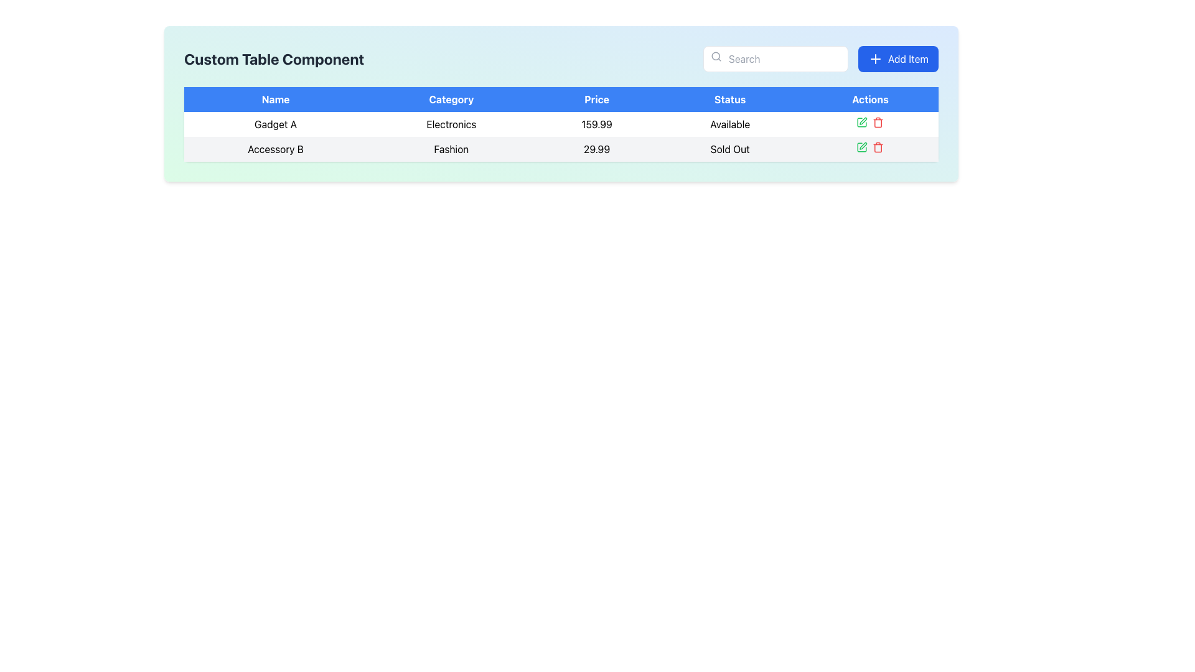 The image size is (1195, 672). I want to click on the edit icon button located in the second row of the 'Actions' column of the table, which is next to the red delete icon and corresponds to the 'Sold Out' status, to initiate an edit action, so click(861, 146).